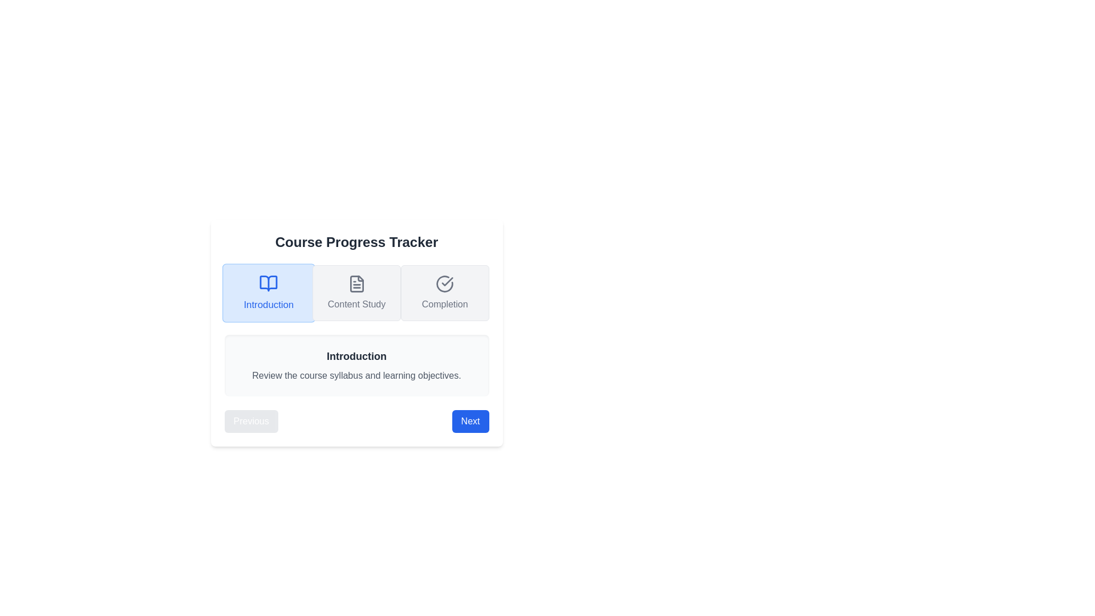 The image size is (1095, 616). I want to click on the section that presents an overview of the course, specifically about the syllabus and learning objectives, located centrally below the section headers, so click(356, 365).